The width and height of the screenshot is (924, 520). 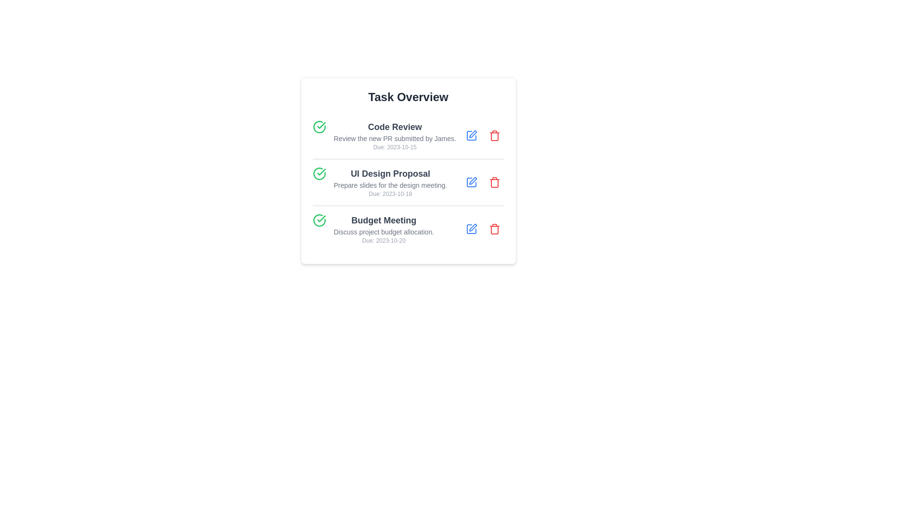 I want to click on the checkmark icon for the task titled 'UI Design Proposal' to mark it as completed, so click(x=319, y=174).